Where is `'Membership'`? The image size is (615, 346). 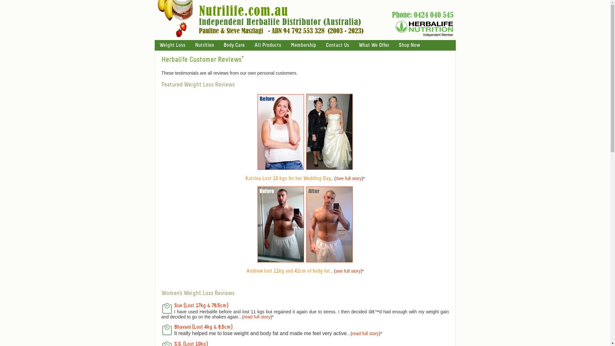 'Membership' is located at coordinates (303, 45).